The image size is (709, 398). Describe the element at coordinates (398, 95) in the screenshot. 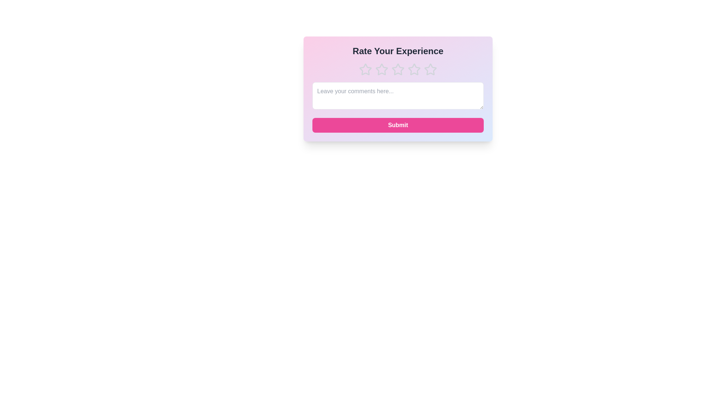

I see `the text area and type the comment` at that location.